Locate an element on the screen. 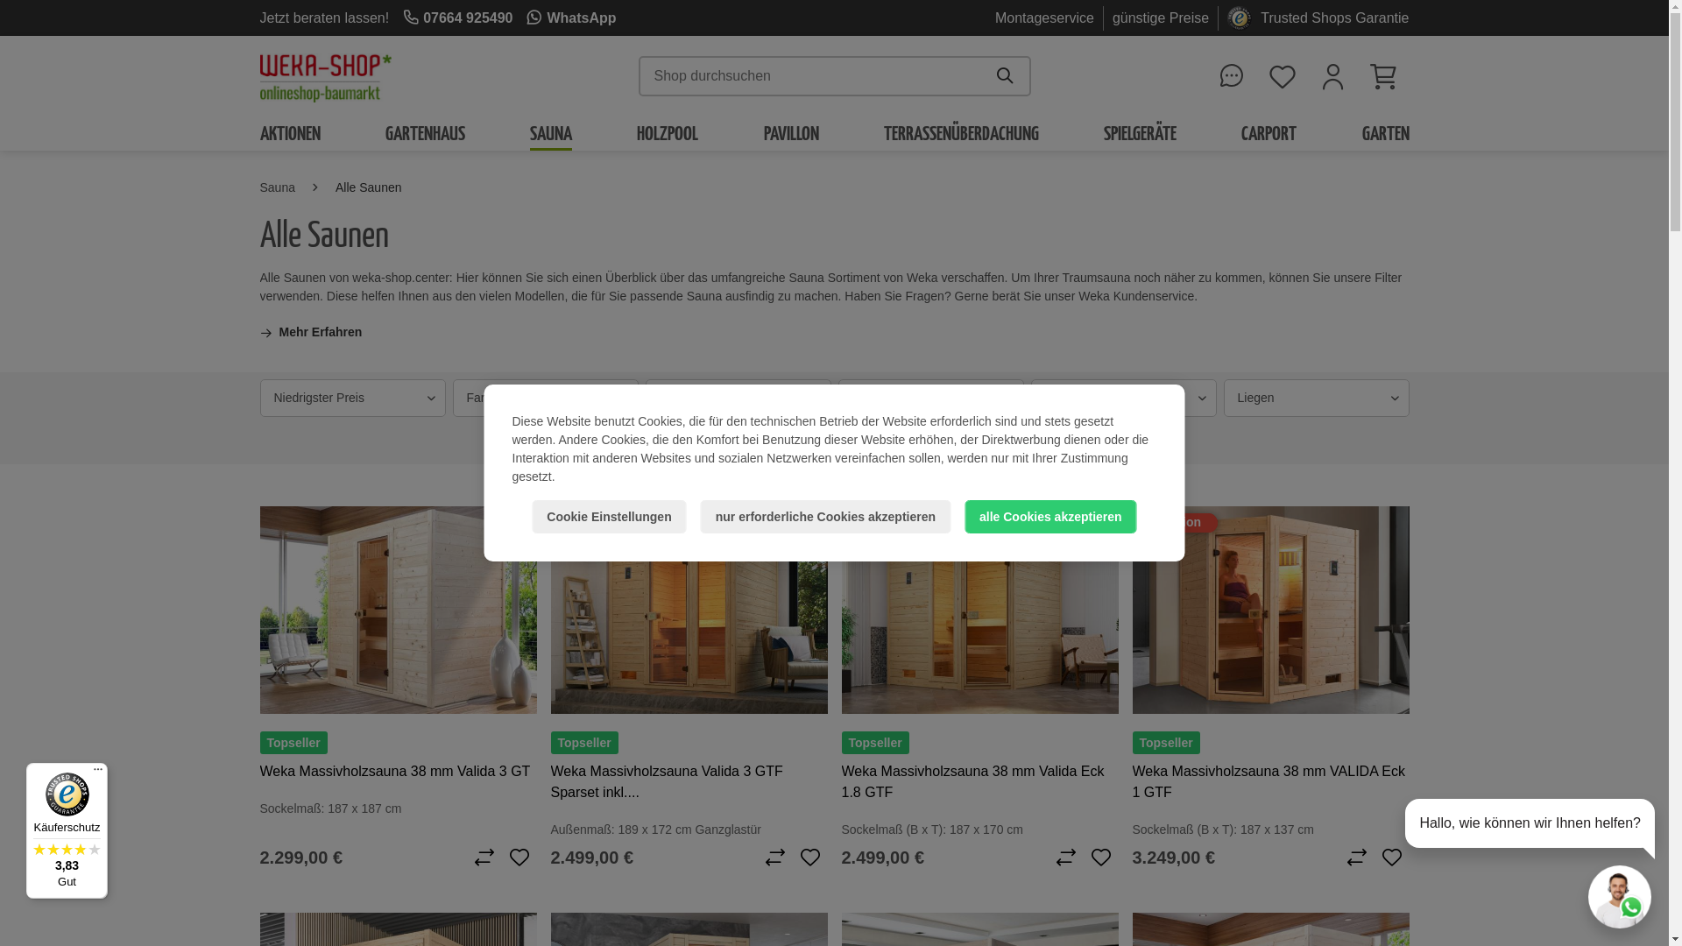  'HOLZPOOL' is located at coordinates (667, 131).